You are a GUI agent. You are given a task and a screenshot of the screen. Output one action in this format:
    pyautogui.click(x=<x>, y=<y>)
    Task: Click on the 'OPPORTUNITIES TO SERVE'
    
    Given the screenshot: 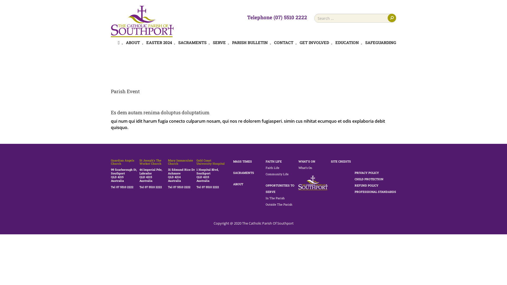 What is the action you would take?
    pyautogui.click(x=280, y=188)
    